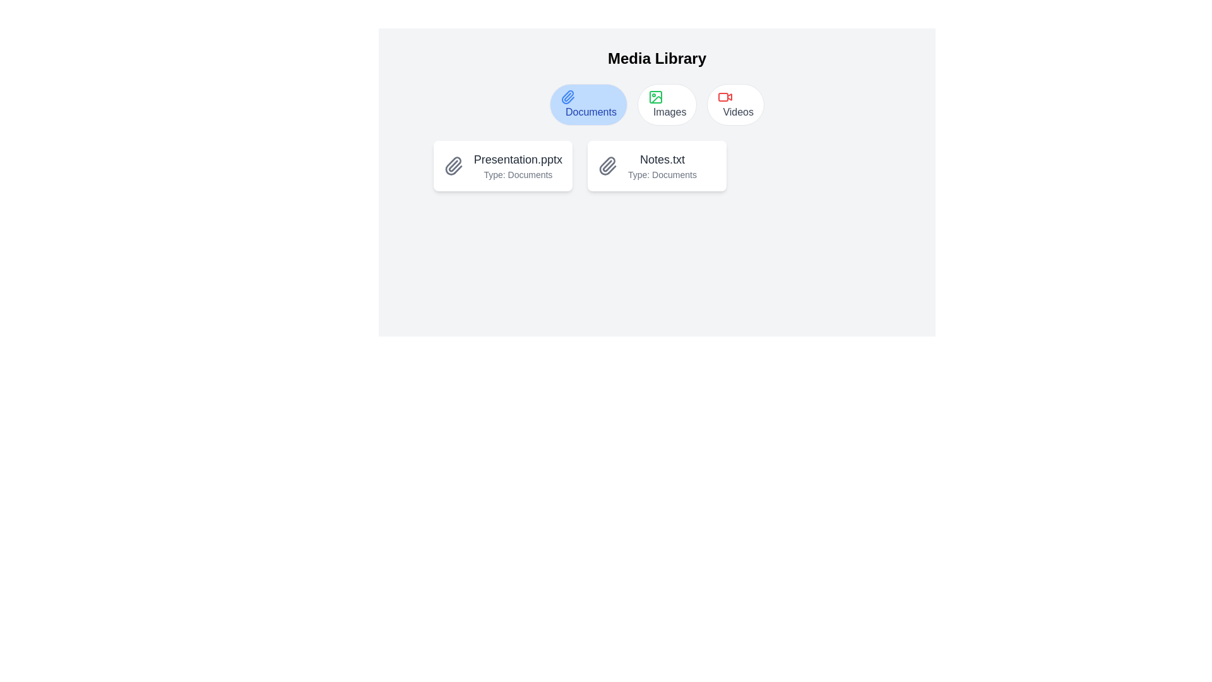  What do you see at coordinates (730, 97) in the screenshot?
I see `the play button icon located within the 'Videos' option, which is part of a group of icons at the top right of the interface` at bounding box center [730, 97].